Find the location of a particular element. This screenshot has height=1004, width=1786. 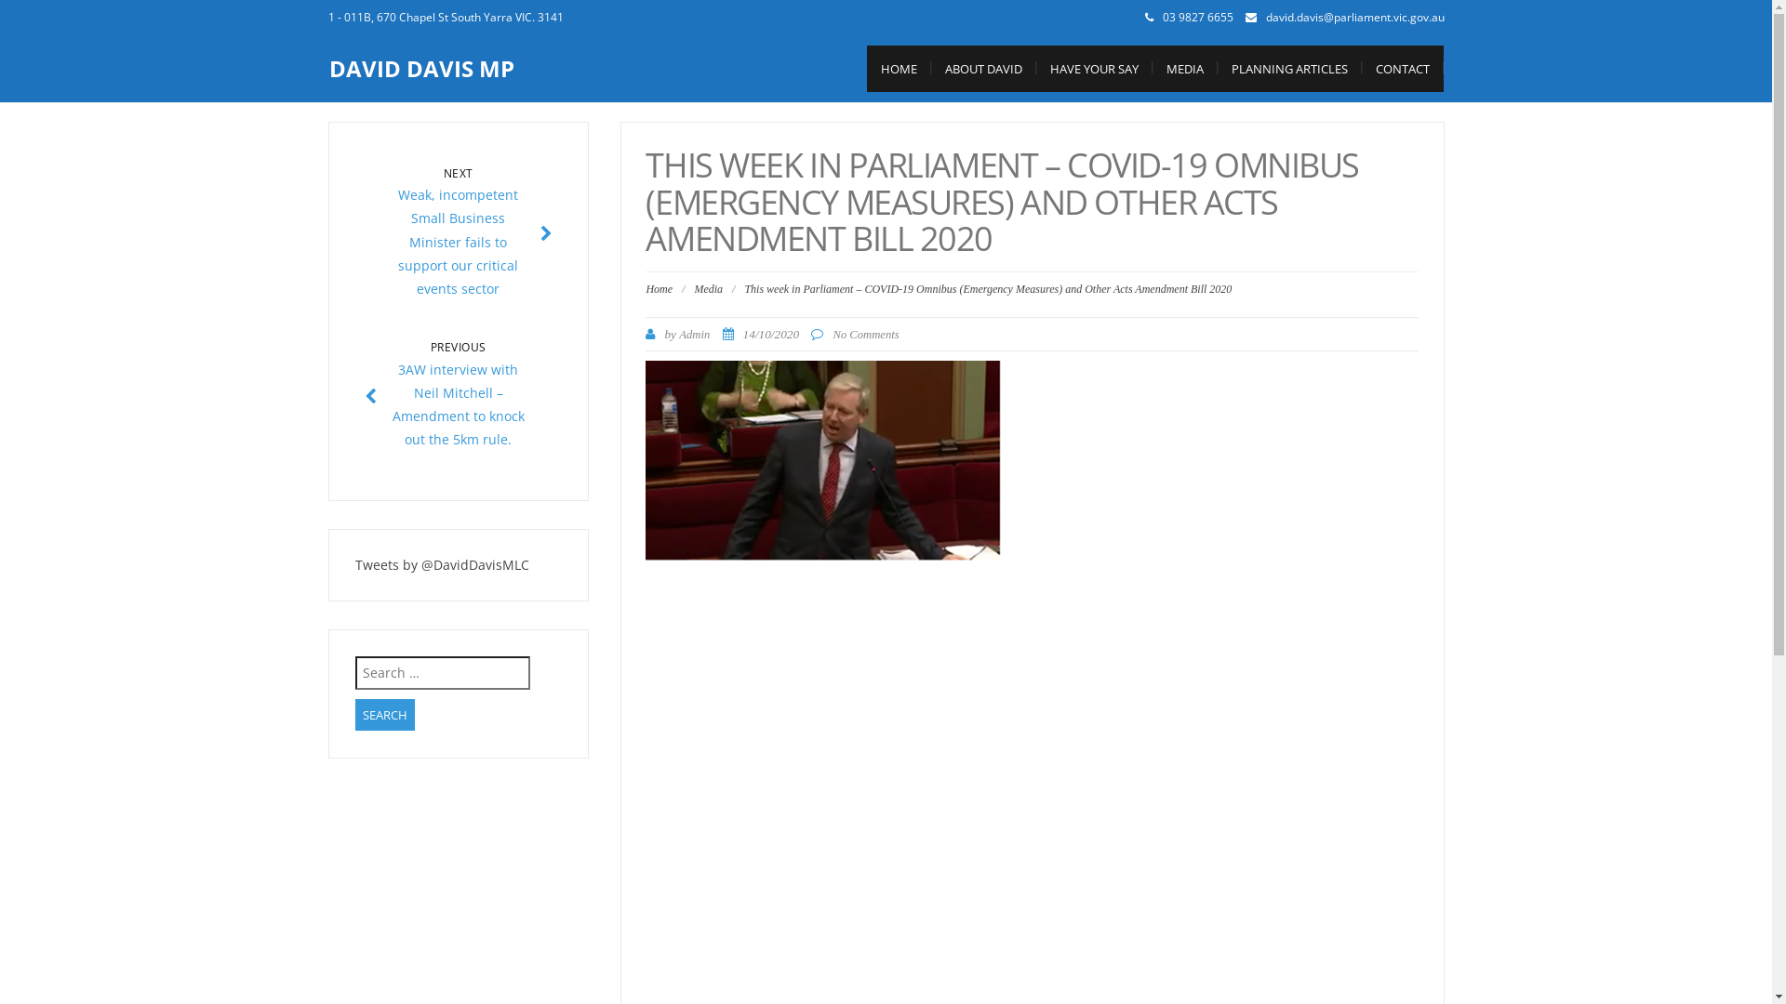

'PLANNING ARTICLES' is located at coordinates (1287, 67).